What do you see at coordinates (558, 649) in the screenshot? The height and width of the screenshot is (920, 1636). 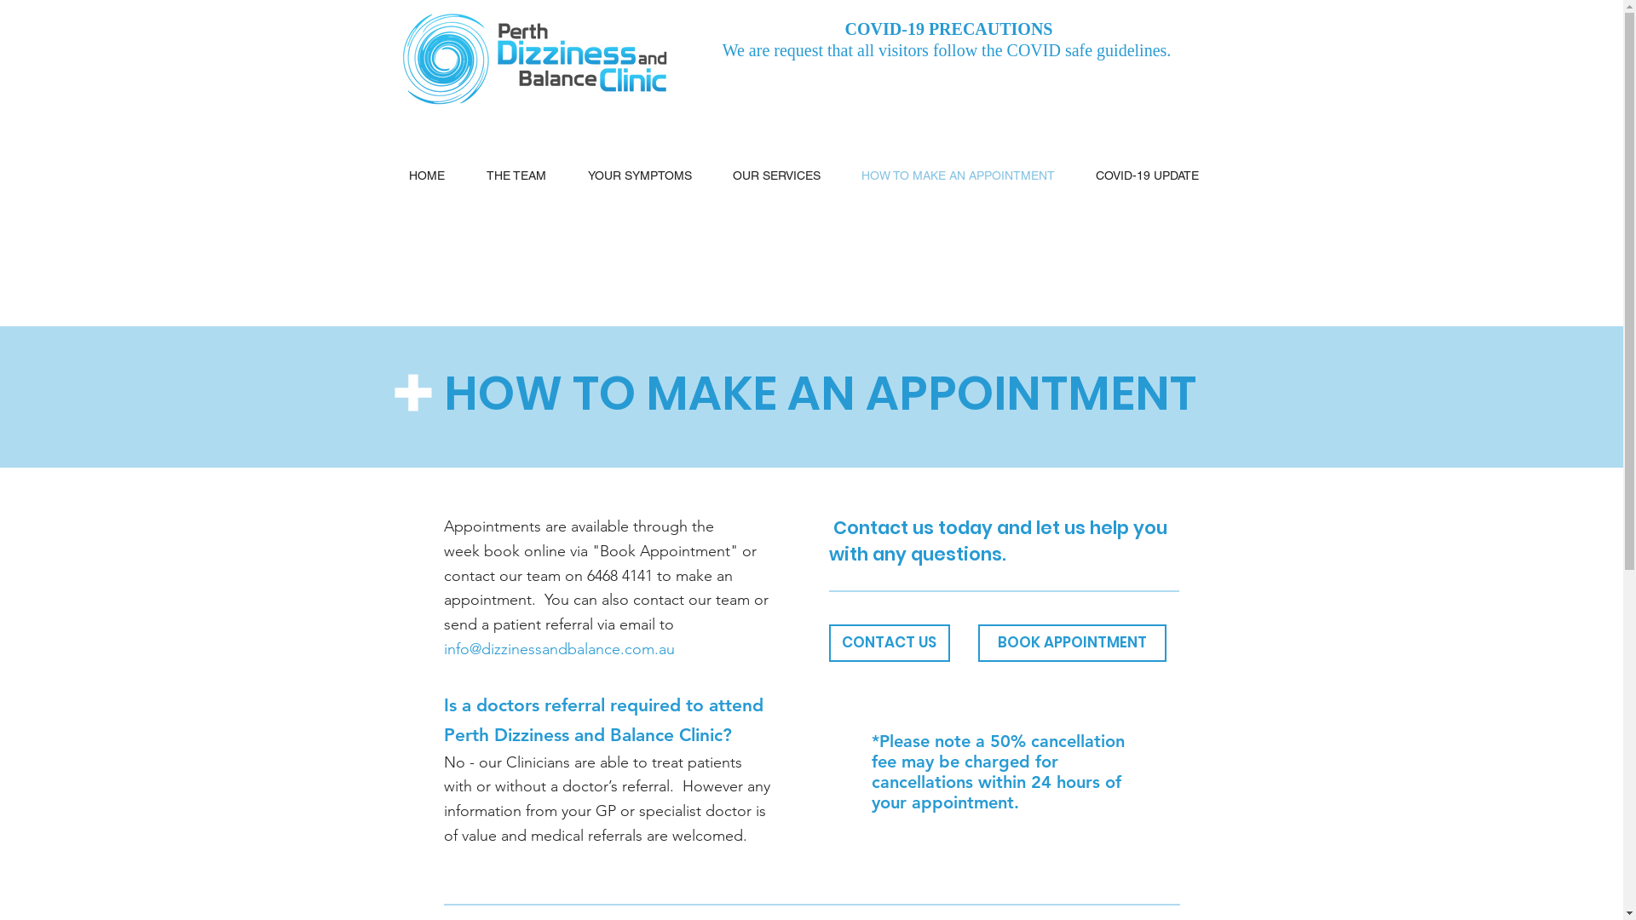 I see `'info@dizzinessandbalance.com.au'` at bounding box center [558, 649].